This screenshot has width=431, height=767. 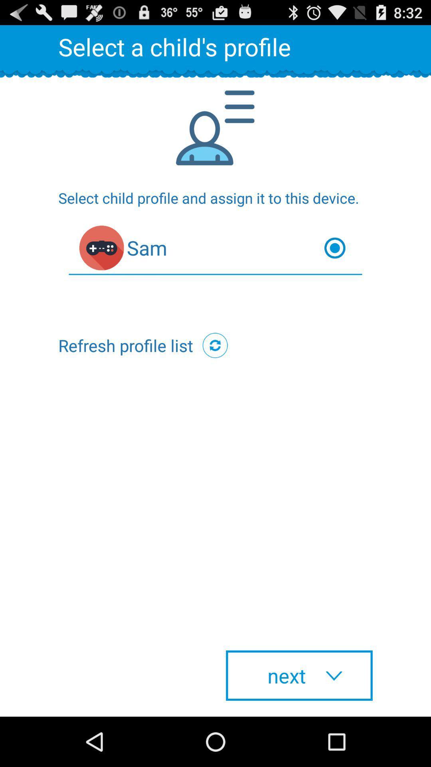 What do you see at coordinates (215, 345) in the screenshot?
I see `icon at the center` at bounding box center [215, 345].